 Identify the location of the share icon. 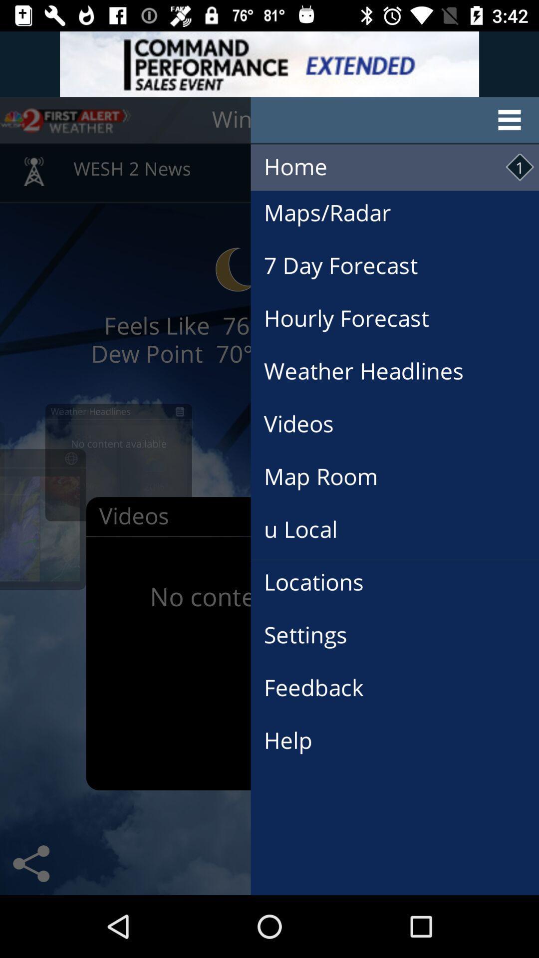
(30, 863).